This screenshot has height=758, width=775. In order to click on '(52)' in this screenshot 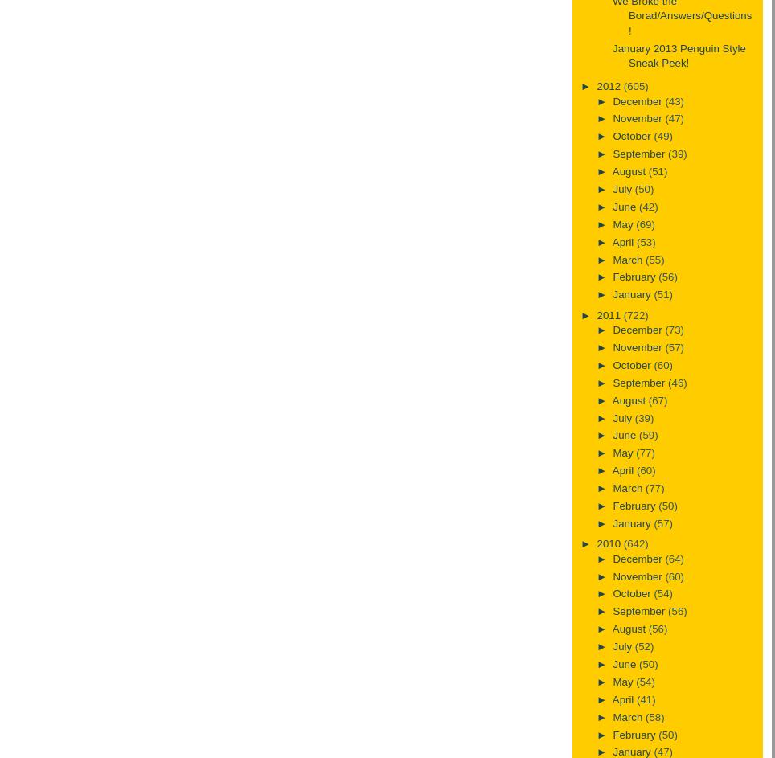, I will do `click(643, 645)`.